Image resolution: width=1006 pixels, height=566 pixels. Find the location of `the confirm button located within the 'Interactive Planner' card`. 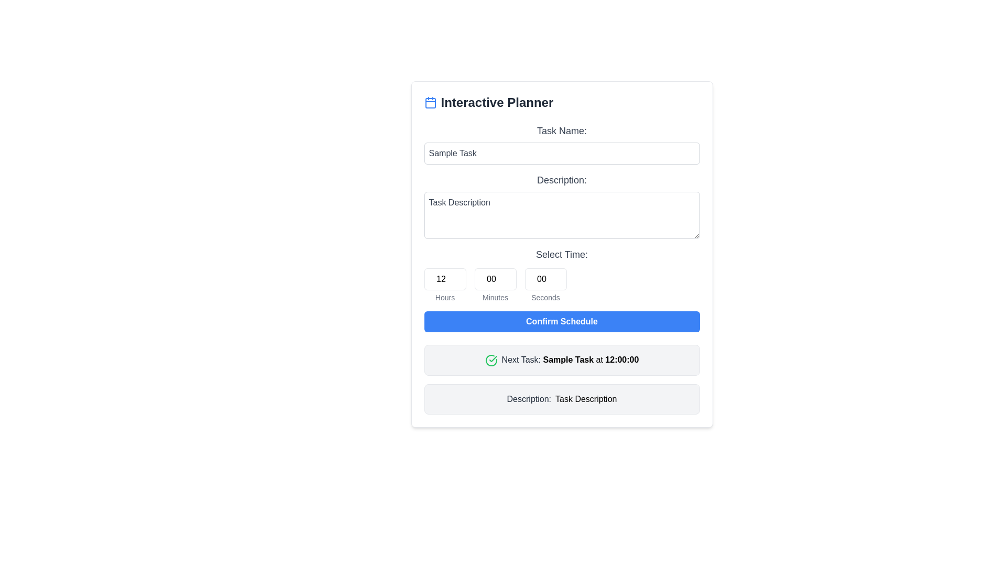

the confirm button located within the 'Interactive Planner' card is located at coordinates (561, 321).